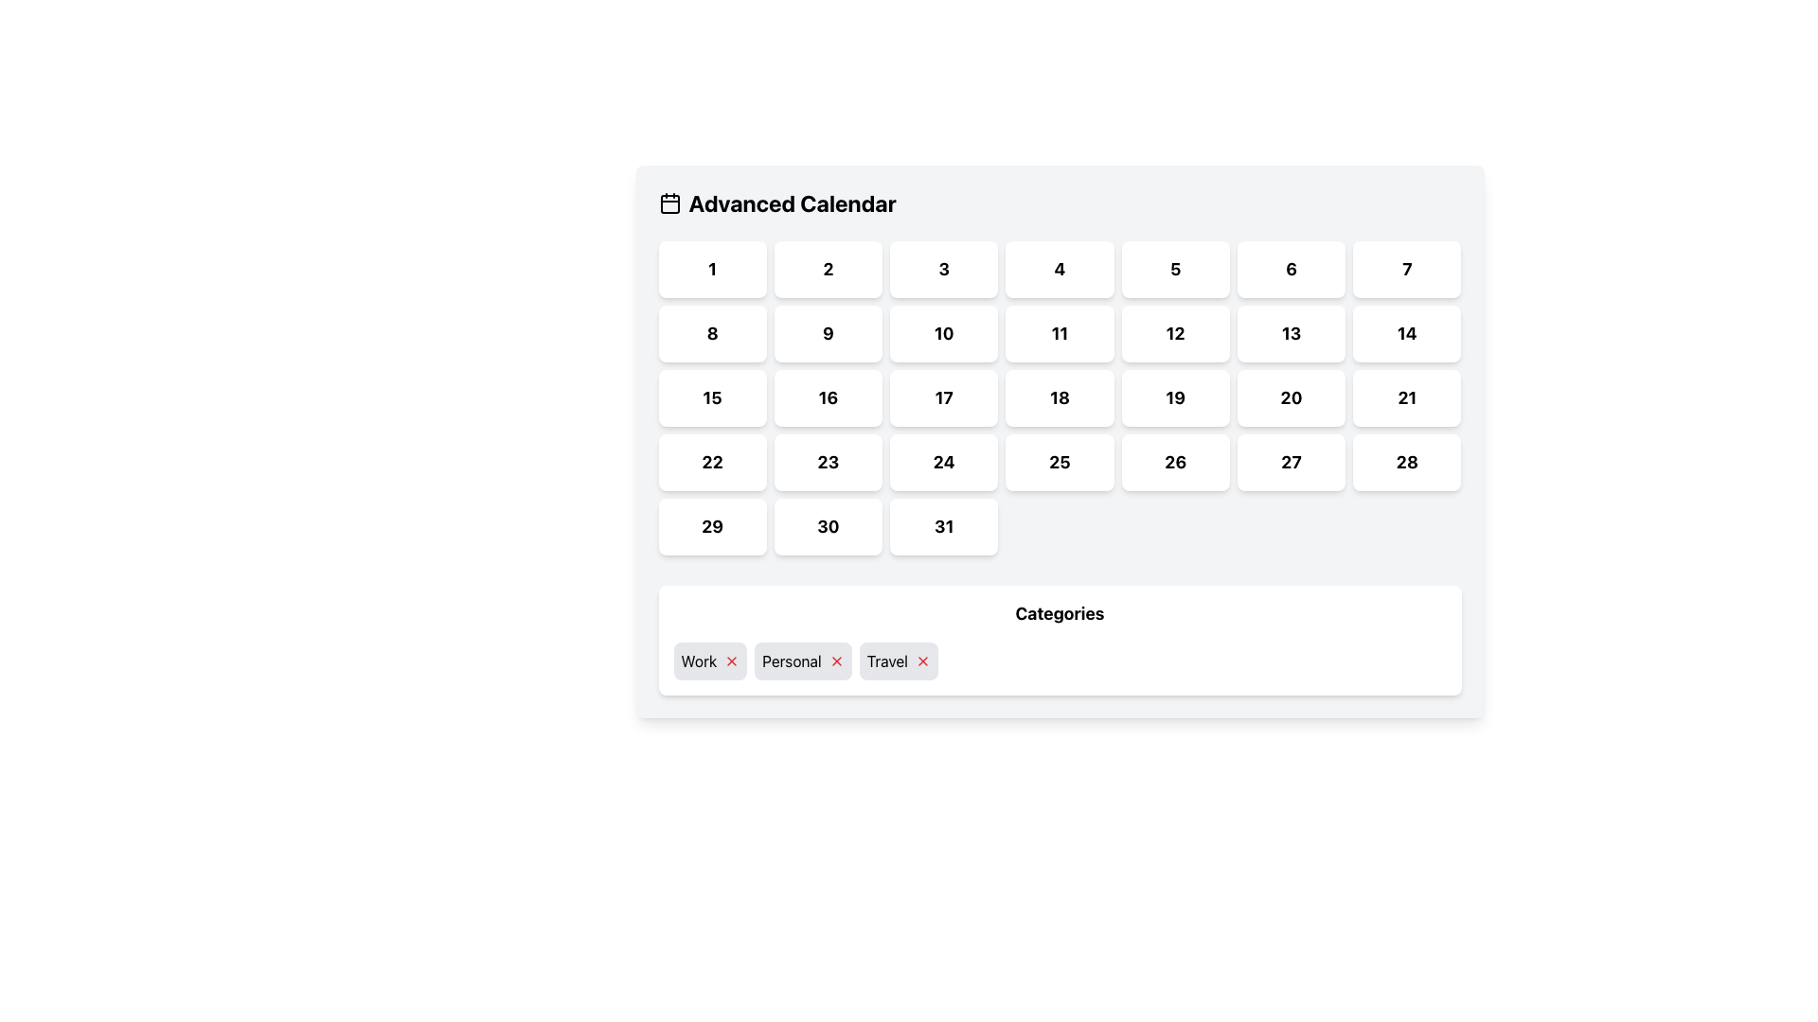  What do you see at coordinates (1059, 270) in the screenshot?
I see `the interactive button featuring the numeral '4'` at bounding box center [1059, 270].